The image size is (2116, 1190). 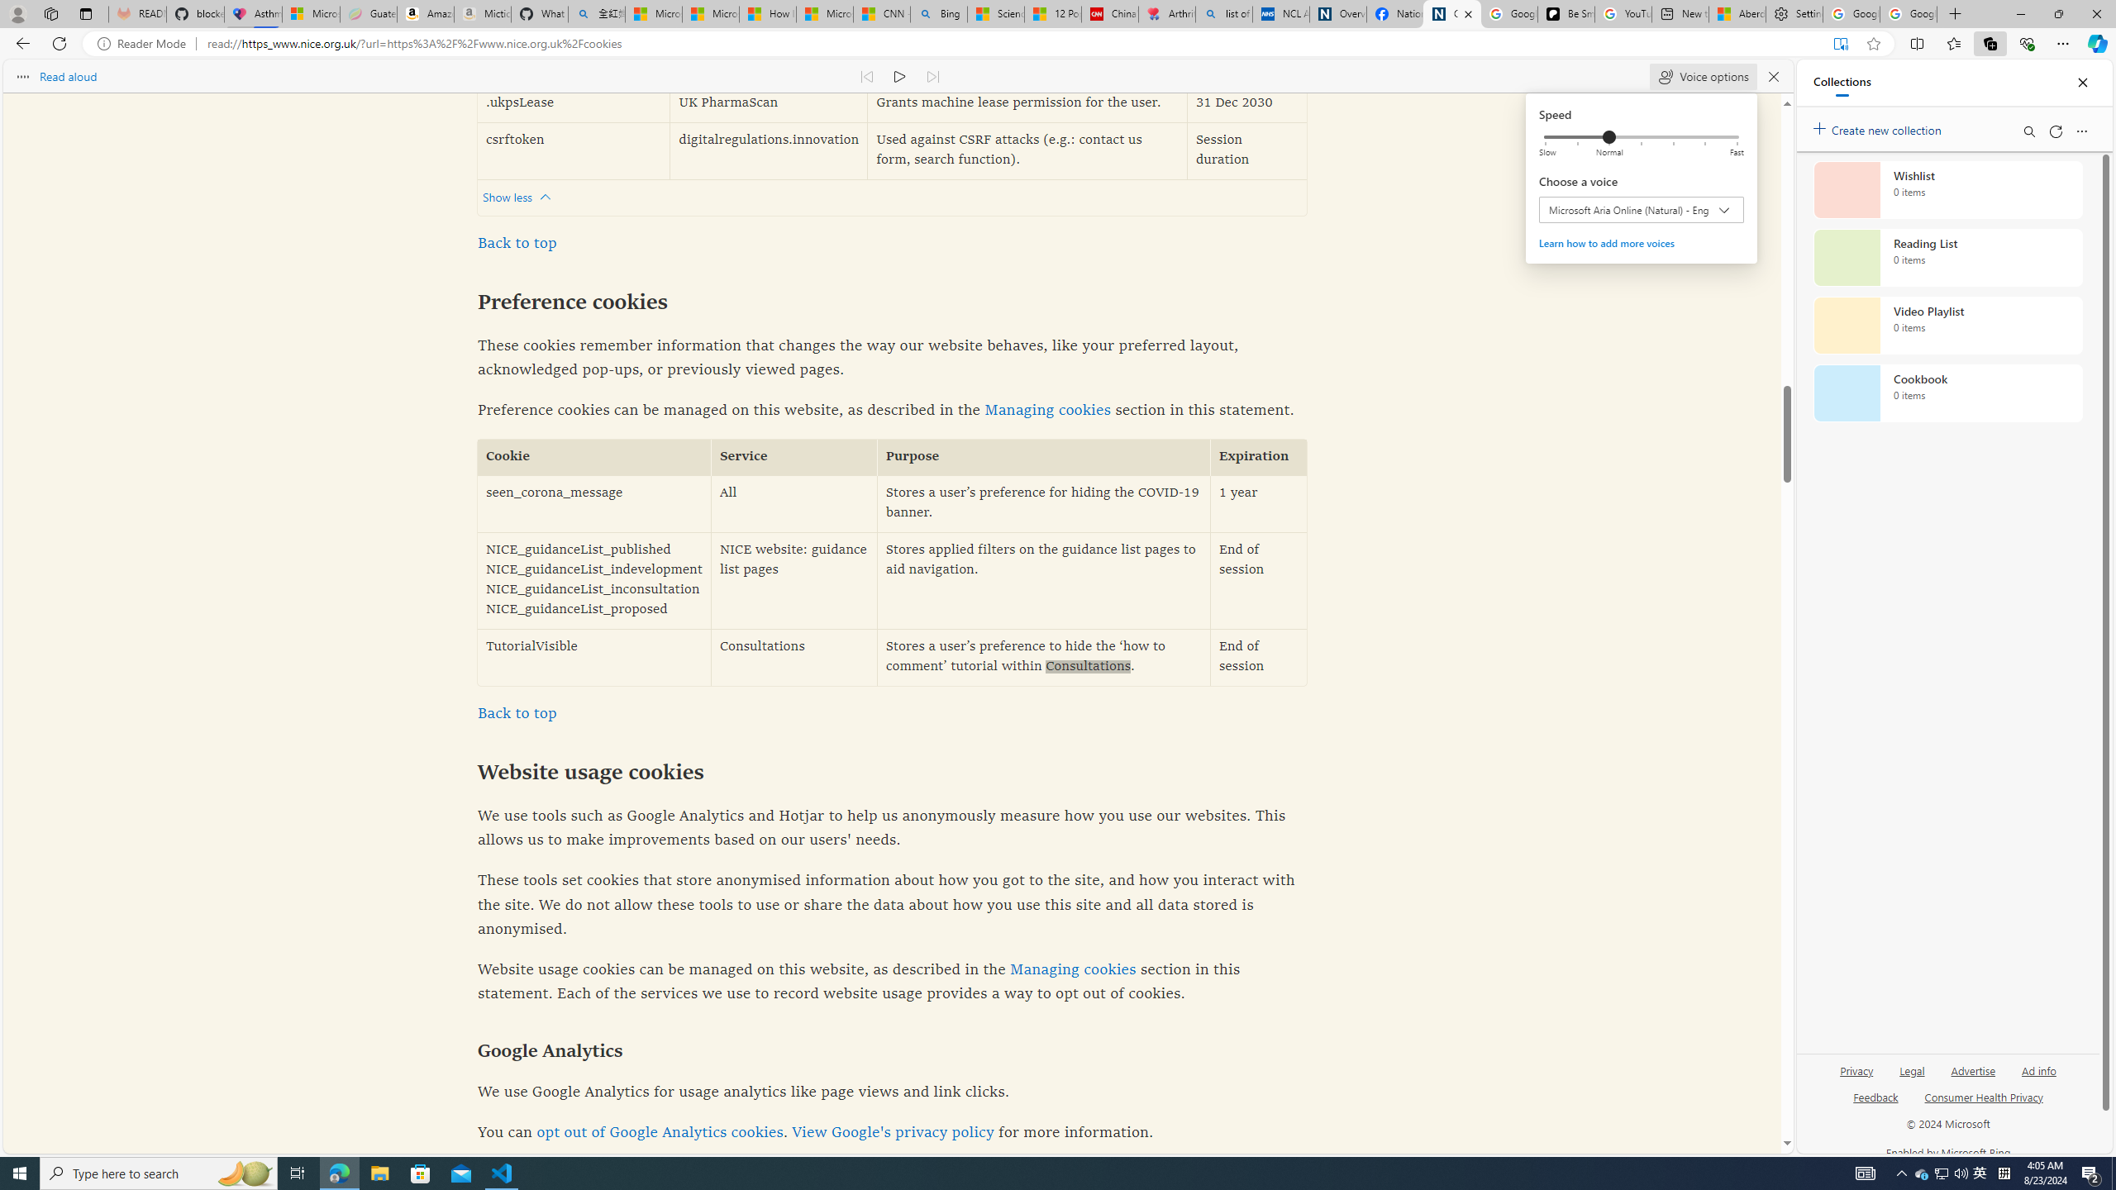 What do you see at coordinates (866, 75) in the screenshot?
I see `'Read previous paragraph'` at bounding box center [866, 75].